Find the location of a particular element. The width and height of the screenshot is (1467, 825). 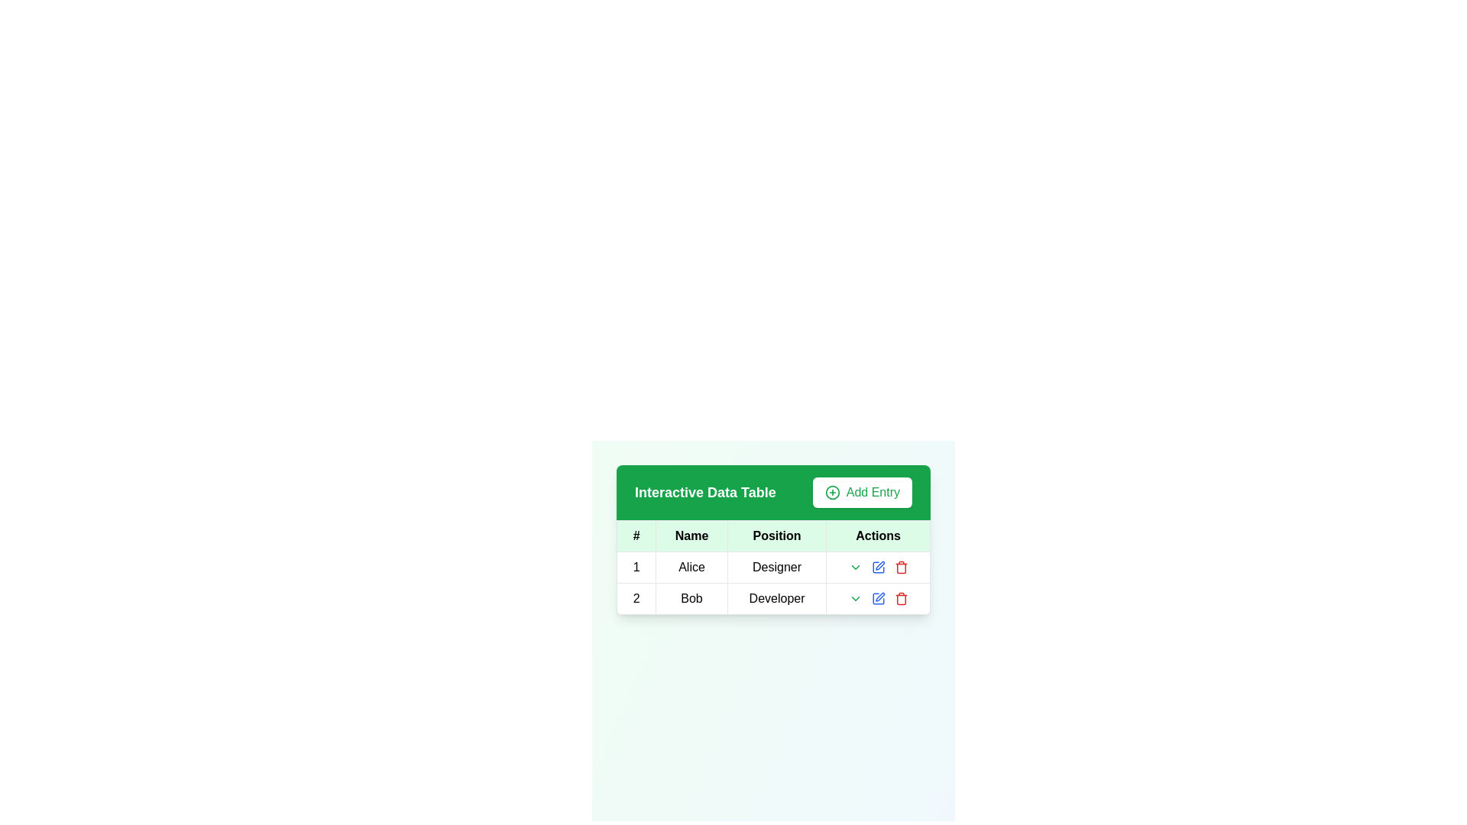

the Table Header indicating the column for positions, which is the third item in a horizontally-aligned row, following the titles '#' and 'Name' is located at coordinates (773, 535).